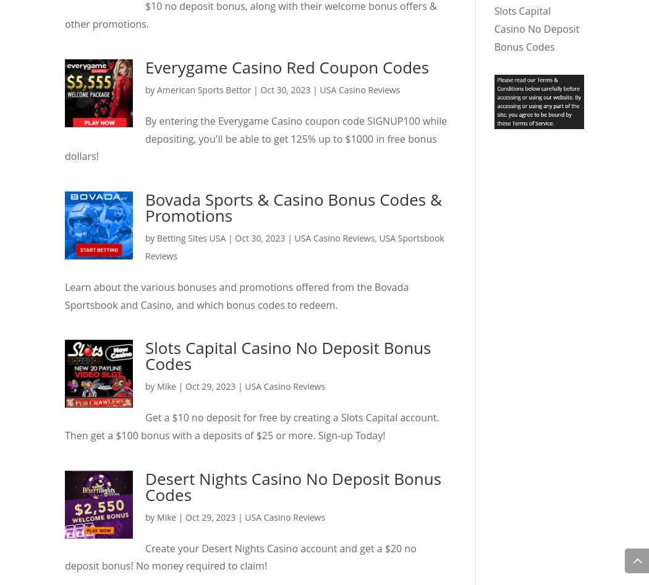 This screenshot has height=585, width=649. What do you see at coordinates (252, 425) in the screenshot?
I see `'Get a $10 no deposit for free by creating a Slots Capital account. Then get a $100 bonus with a deposits of $25 or more. Sign-up Today!'` at bounding box center [252, 425].